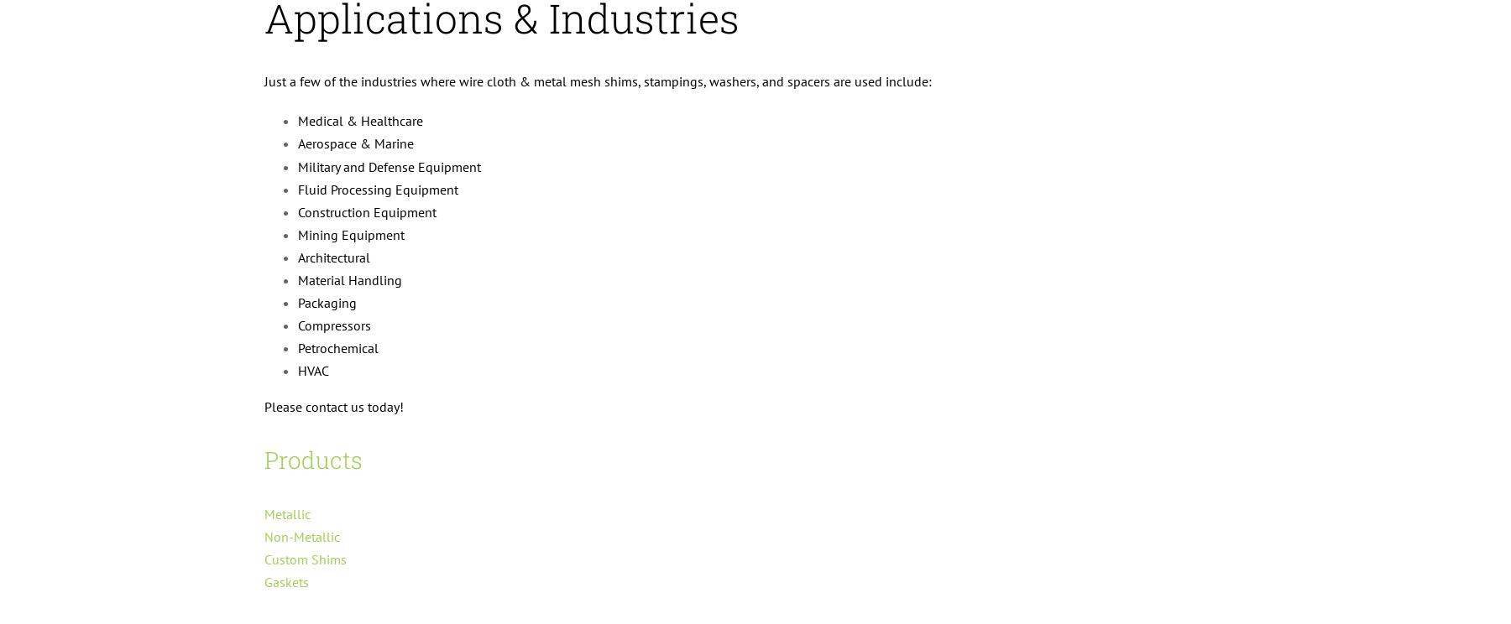  What do you see at coordinates (305, 558) in the screenshot?
I see `'Custom Shims'` at bounding box center [305, 558].